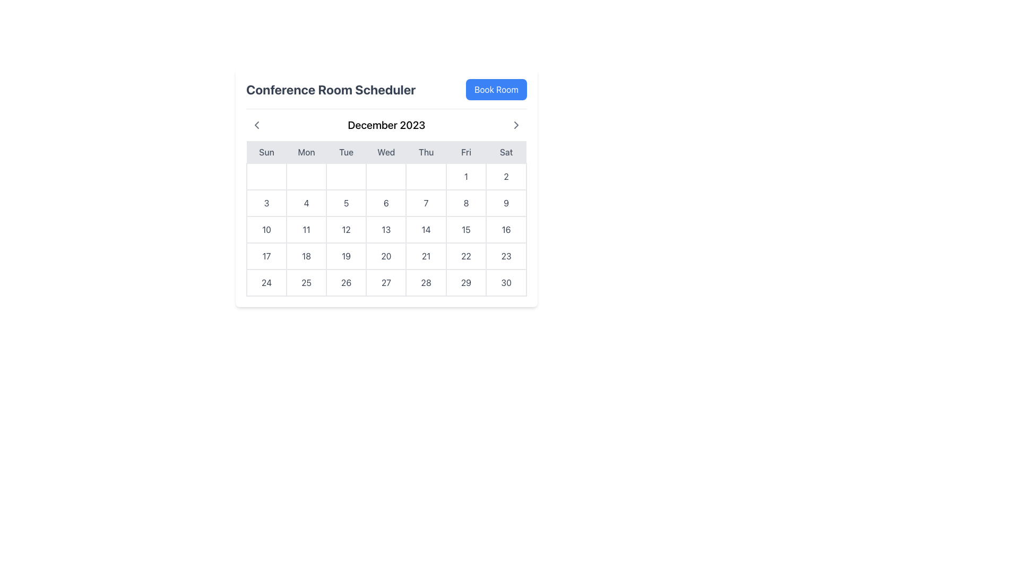 The height and width of the screenshot is (573, 1019). Describe the element at coordinates (426, 282) in the screenshot. I see `the square button with a white background, dark gray border, and bold '28' text` at that location.